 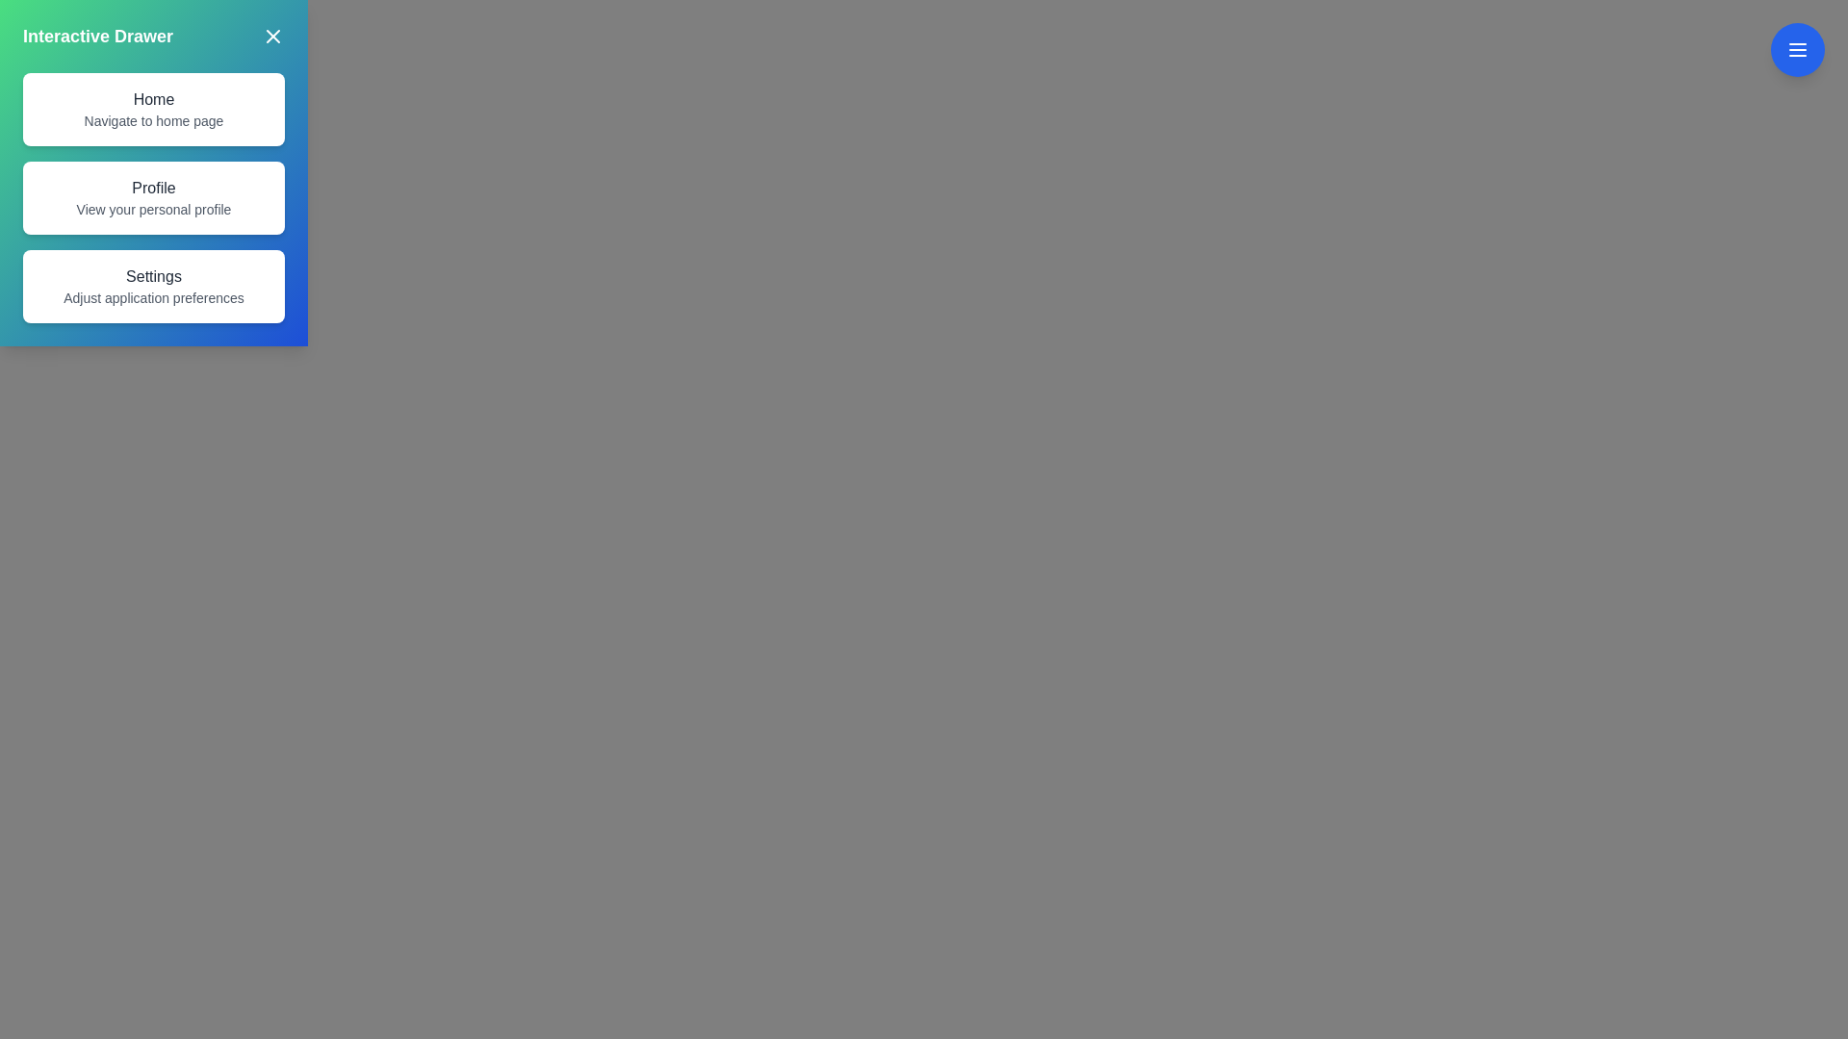 I want to click on the text label that reads 'Adjust application preferences', which is styled in small gray font and located under the 'Settings' header, so click(x=152, y=297).